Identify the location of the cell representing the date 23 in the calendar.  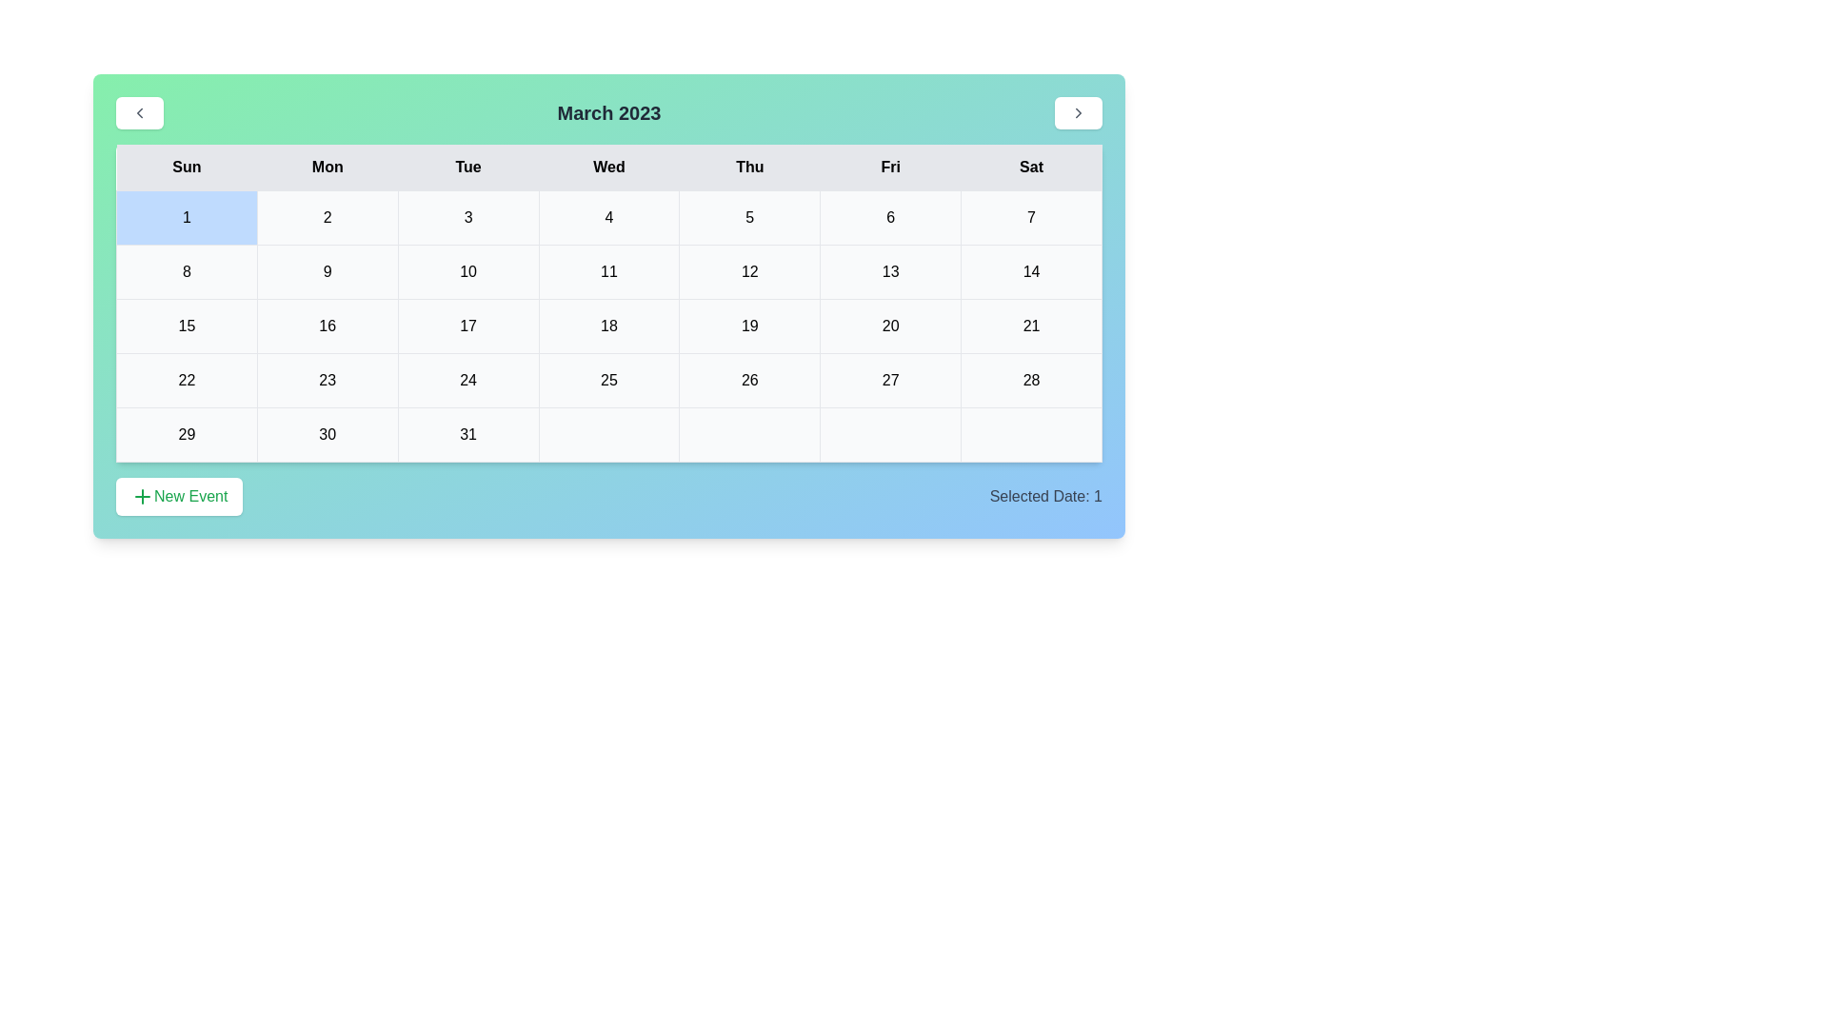
(328, 381).